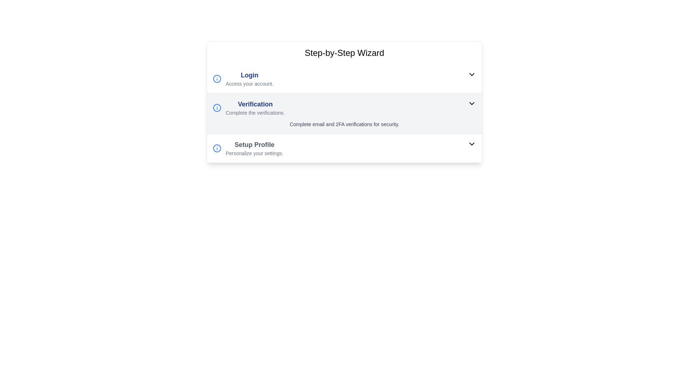 Image resolution: width=689 pixels, height=387 pixels. What do you see at coordinates (243, 78) in the screenshot?
I see `the text block that serves as the label and description for the first step in the step-by-step wizard interface, indicating that this step involves logging in to access the user's account` at bounding box center [243, 78].